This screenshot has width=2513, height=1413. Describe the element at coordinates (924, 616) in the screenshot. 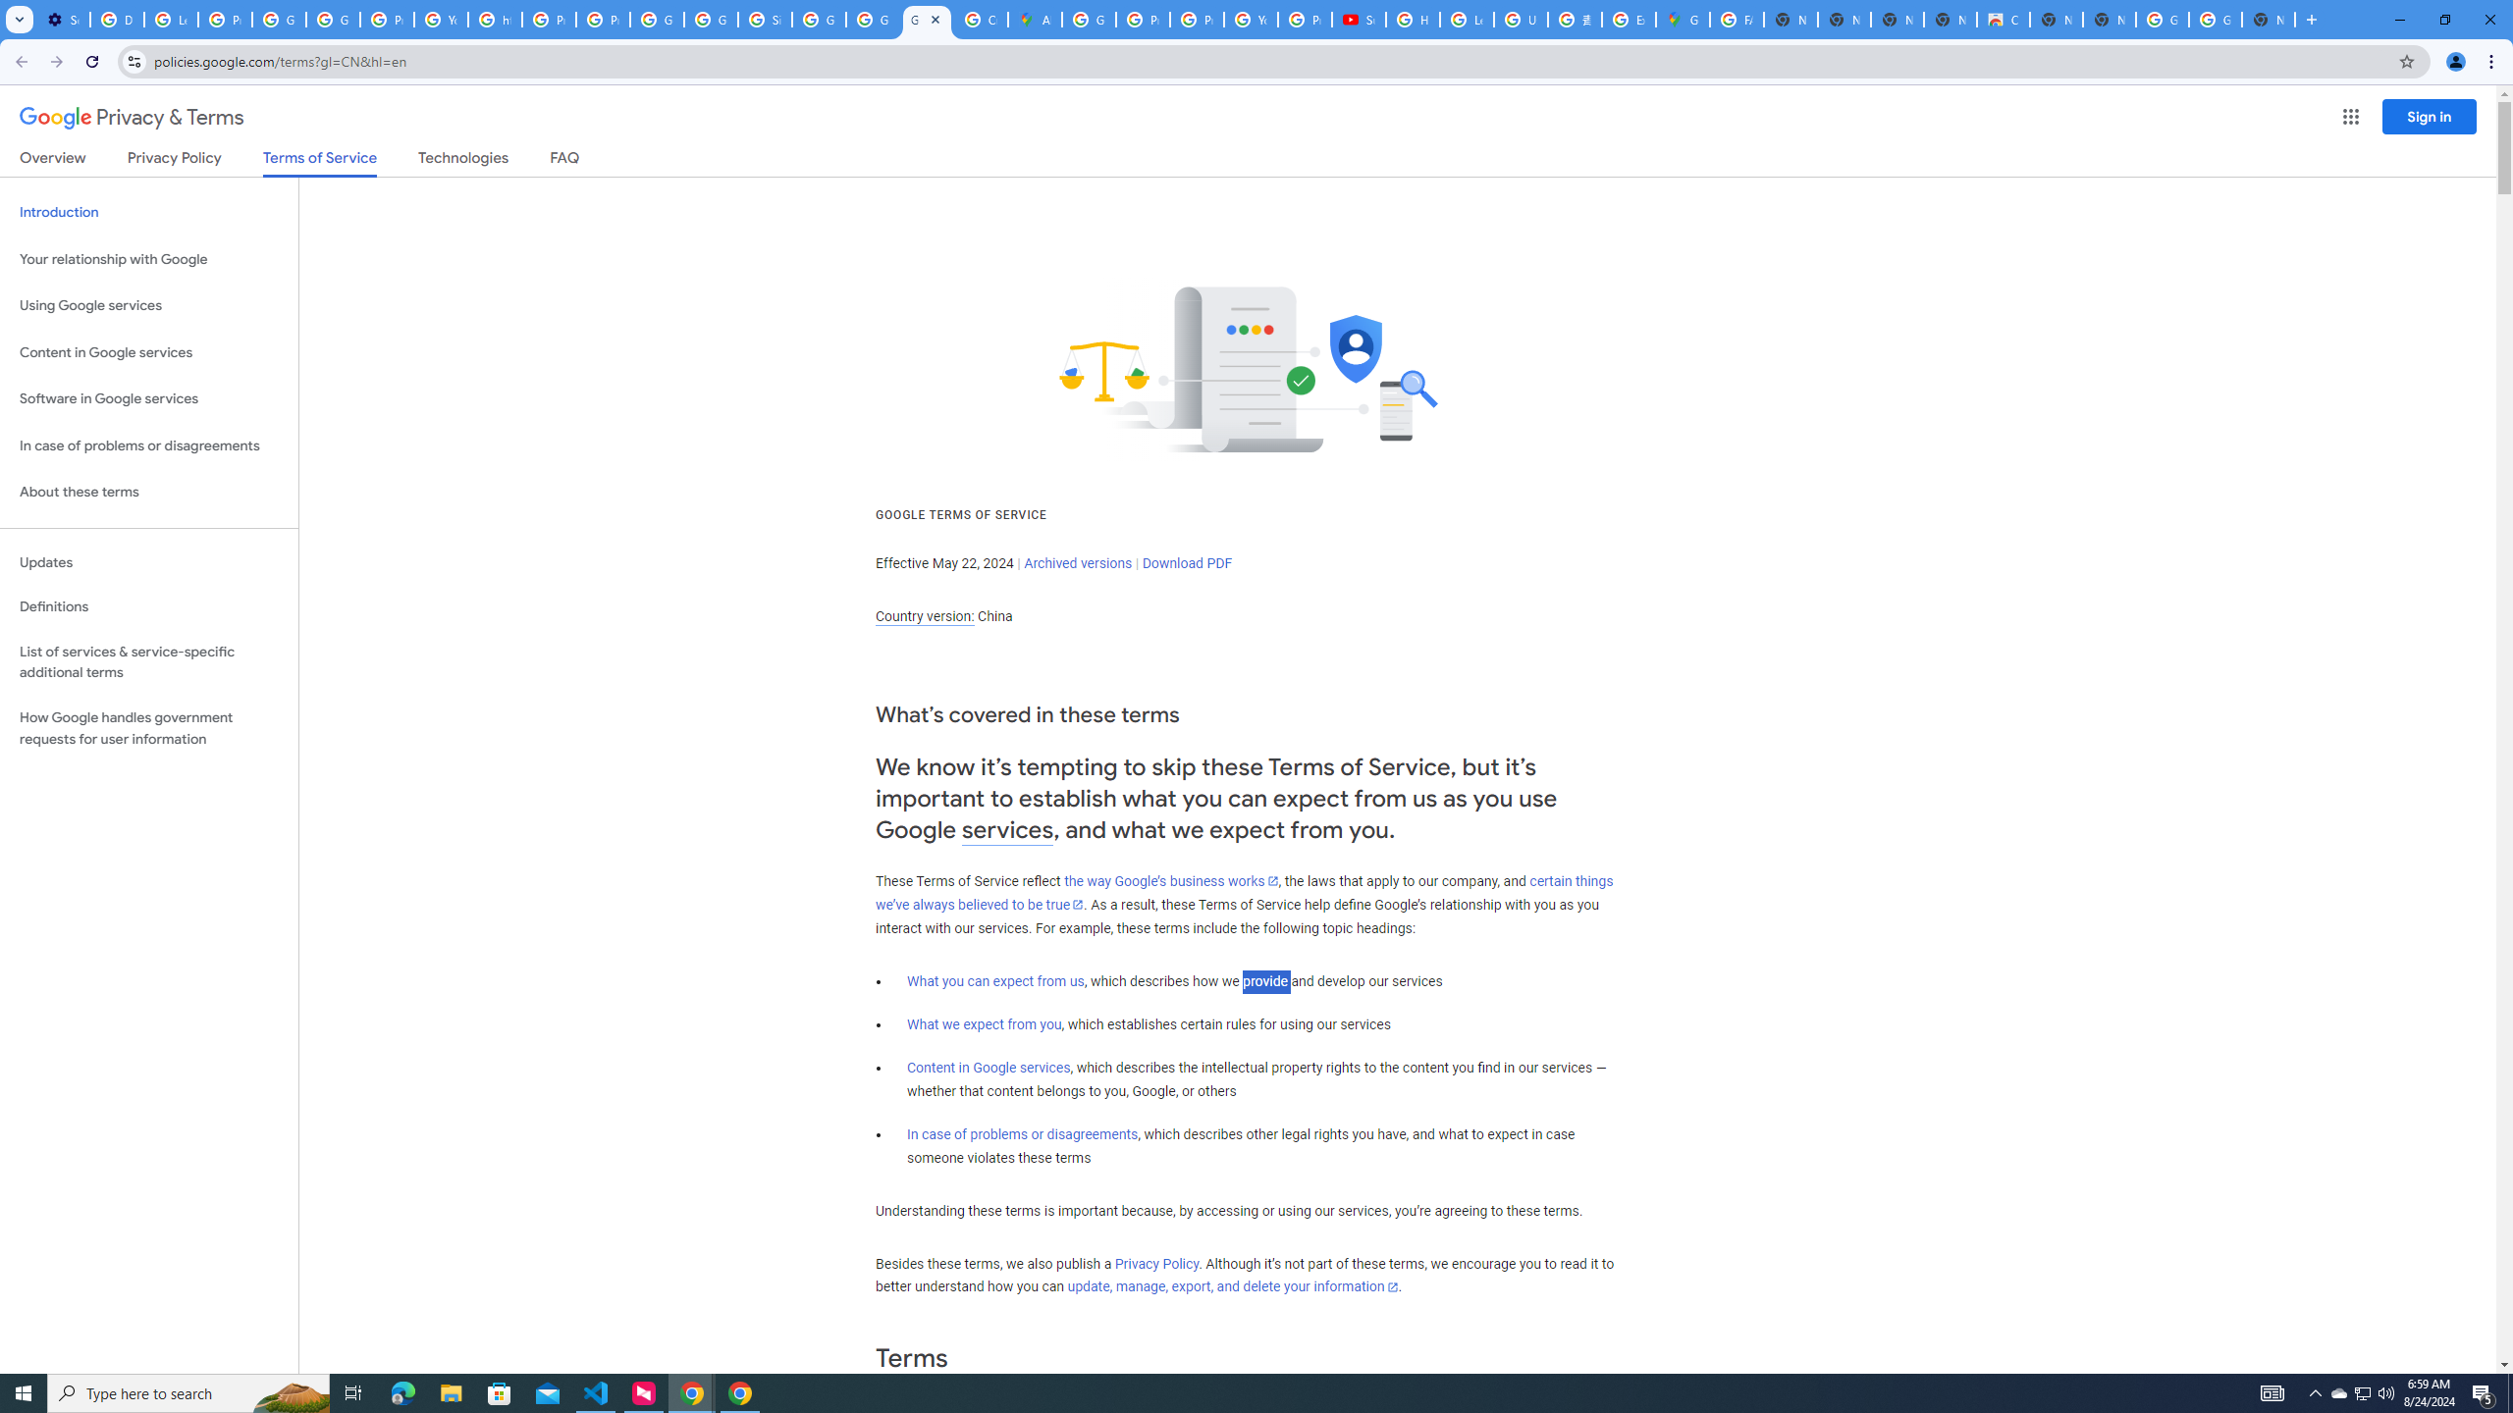

I see `'Country version:'` at that location.